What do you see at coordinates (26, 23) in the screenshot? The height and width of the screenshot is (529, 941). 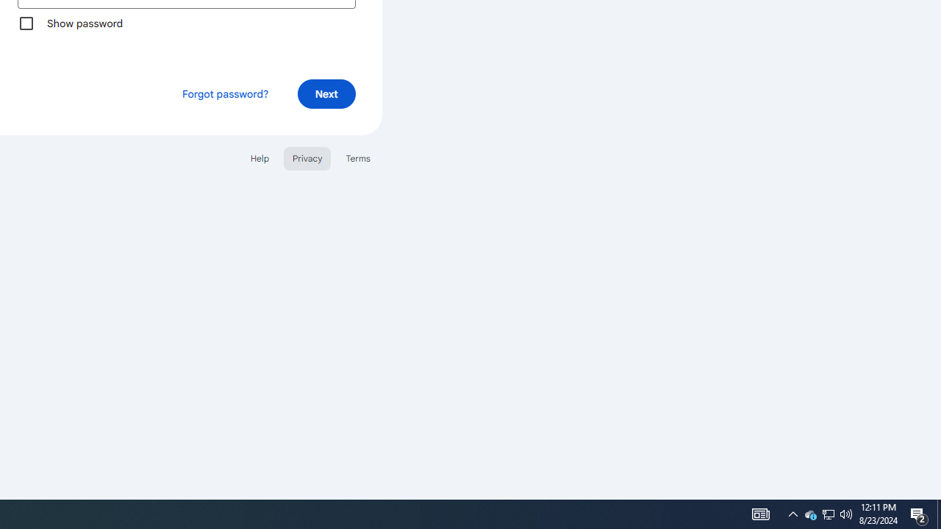 I see `'Show password'` at bounding box center [26, 23].